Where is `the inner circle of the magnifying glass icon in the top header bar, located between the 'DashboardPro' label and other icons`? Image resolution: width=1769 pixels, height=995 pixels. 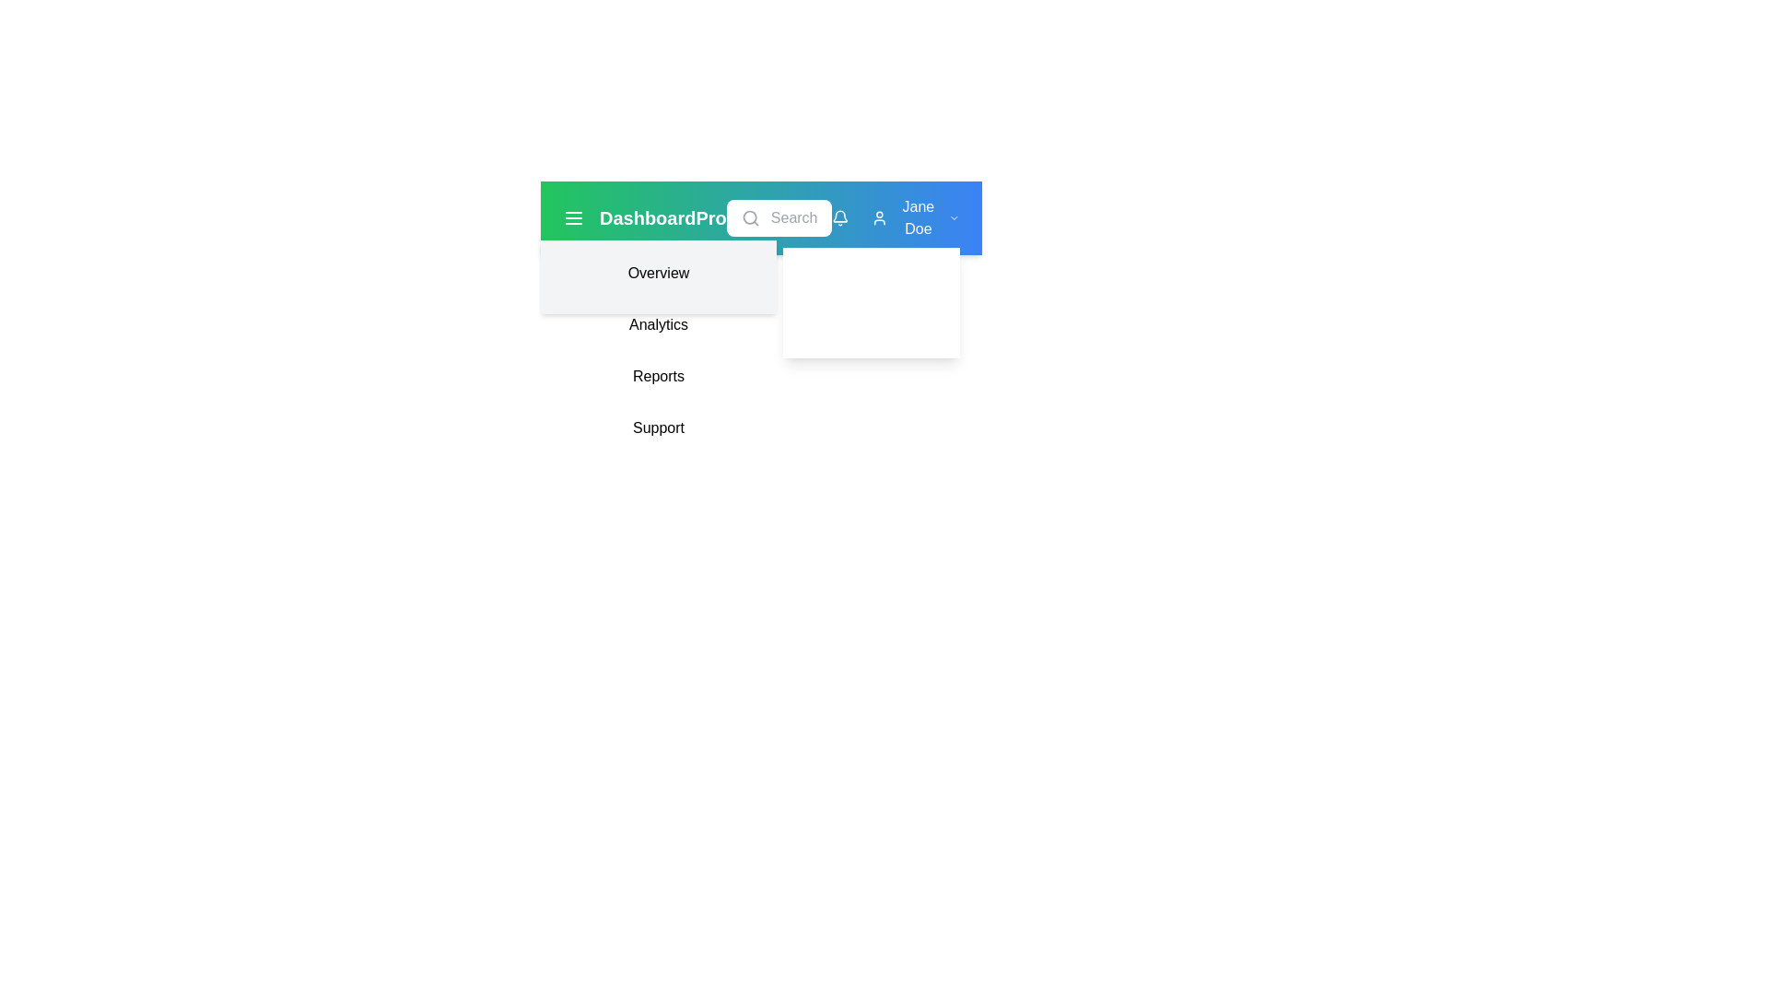 the inner circle of the magnifying glass icon in the top header bar, located between the 'DashboardPro' label and other icons is located at coordinates (749, 217).